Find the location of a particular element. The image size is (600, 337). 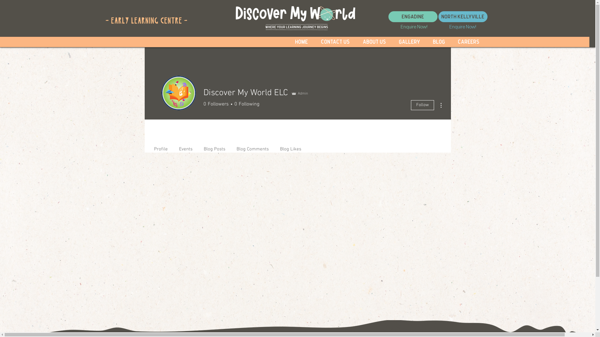

'Enquire Now!' is located at coordinates (463, 26).